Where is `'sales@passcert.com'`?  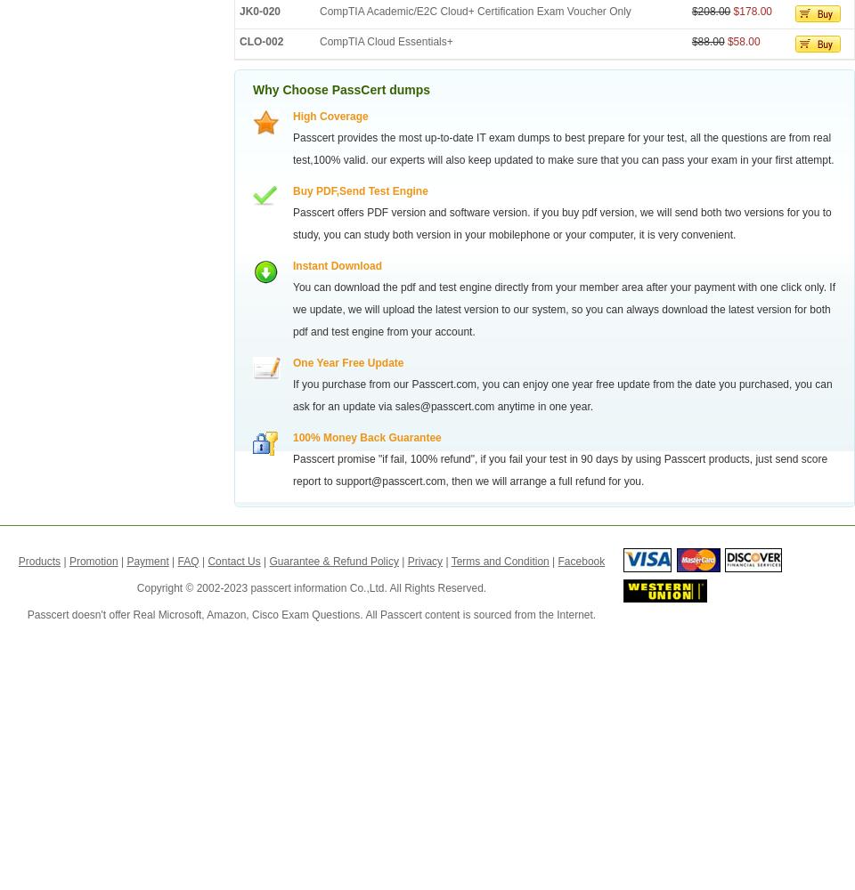 'sales@passcert.com' is located at coordinates (444, 406).